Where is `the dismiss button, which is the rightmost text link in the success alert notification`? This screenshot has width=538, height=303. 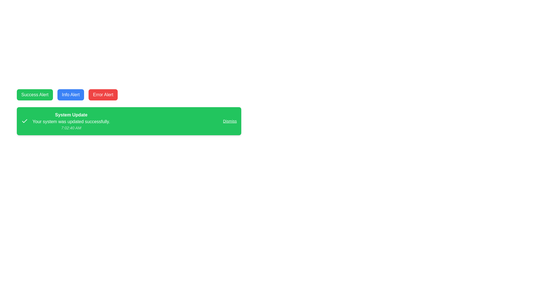 the dismiss button, which is the rightmost text link in the success alert notification is located at coordinates (230, 121).